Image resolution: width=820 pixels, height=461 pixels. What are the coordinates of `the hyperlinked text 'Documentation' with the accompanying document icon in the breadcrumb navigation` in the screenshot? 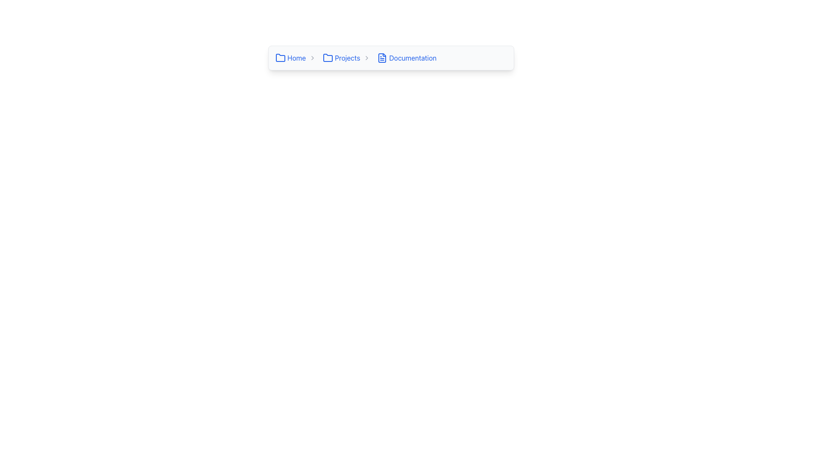 It's located at (406, 58).